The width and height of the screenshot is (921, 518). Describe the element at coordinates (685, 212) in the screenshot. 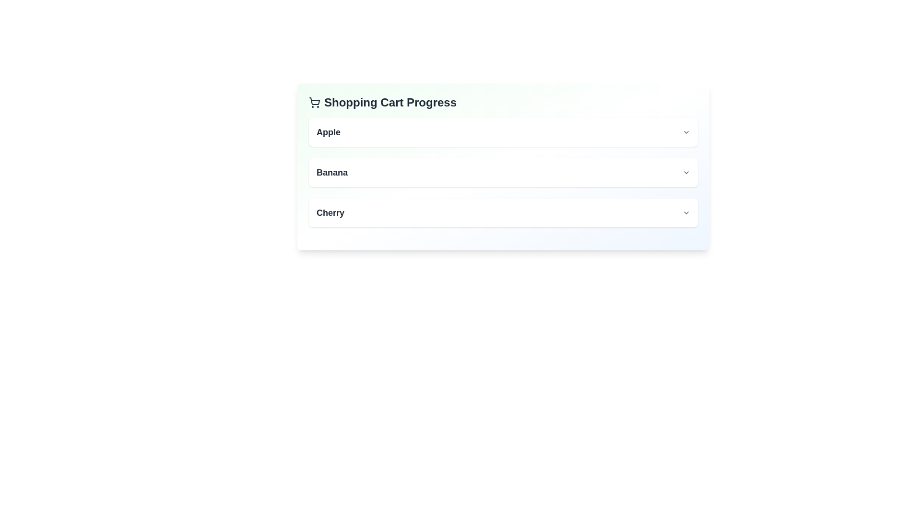

I see `the dropdown toggle icon button, which is a small gray downward-pointing arrow located on the far-right side of the row labeled 'Cherry'` at that location.